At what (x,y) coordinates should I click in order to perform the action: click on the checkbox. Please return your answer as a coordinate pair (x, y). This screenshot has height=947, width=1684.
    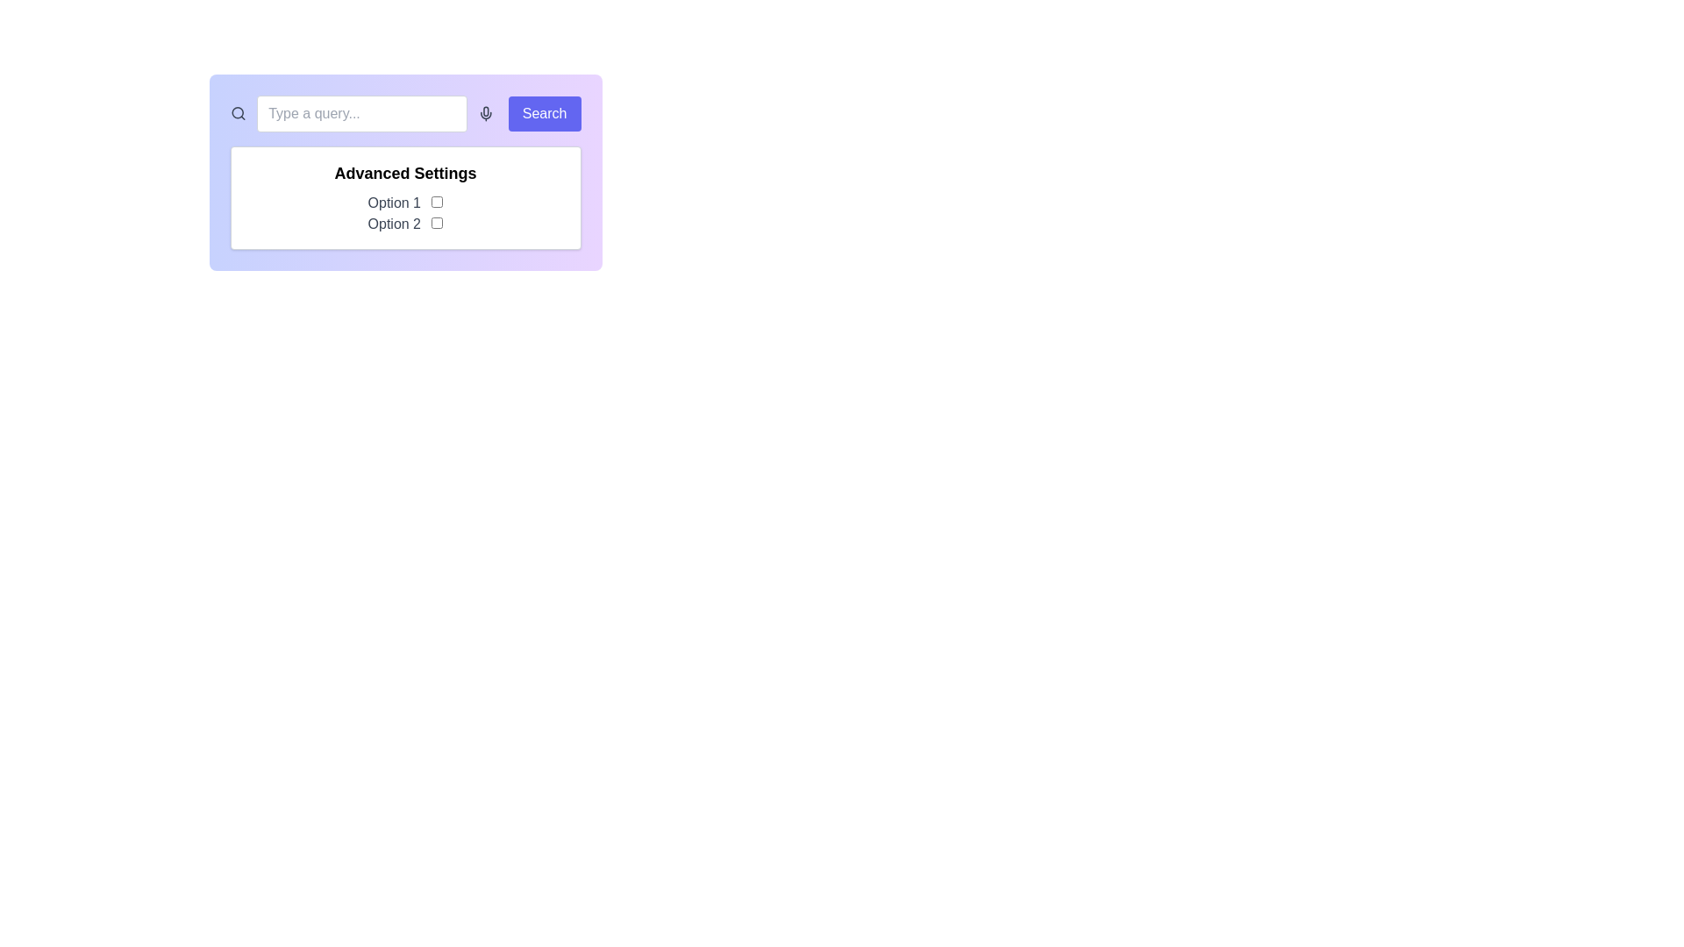
    Looking at the image, I should click on (438, 201).